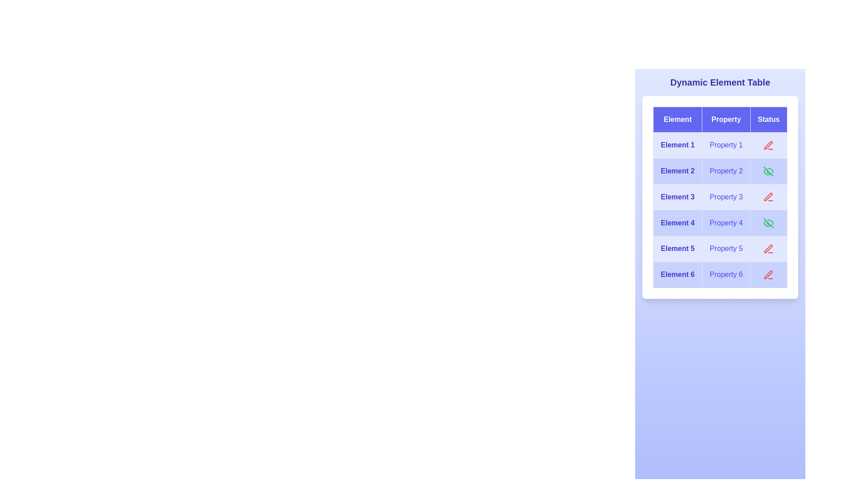 This screenshot has width=860, height=484. I want to click on the text of element Element 6 to read its displayed text, so click(678, 274).